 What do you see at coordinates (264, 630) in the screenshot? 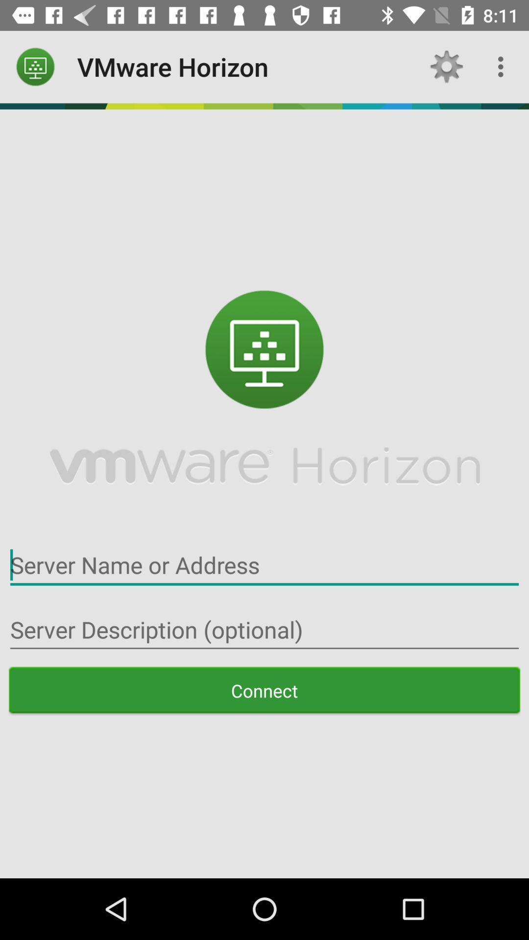
I see `item above the connect icon` at bounding box center [264, 630].